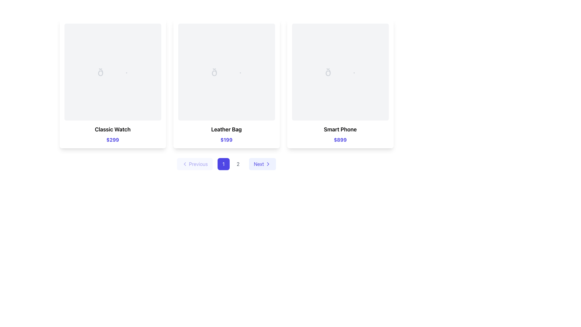  I want to click on the chevron icon within the 'Next' button in the pagination bar to advance to the next set of items, so click(268, 164).